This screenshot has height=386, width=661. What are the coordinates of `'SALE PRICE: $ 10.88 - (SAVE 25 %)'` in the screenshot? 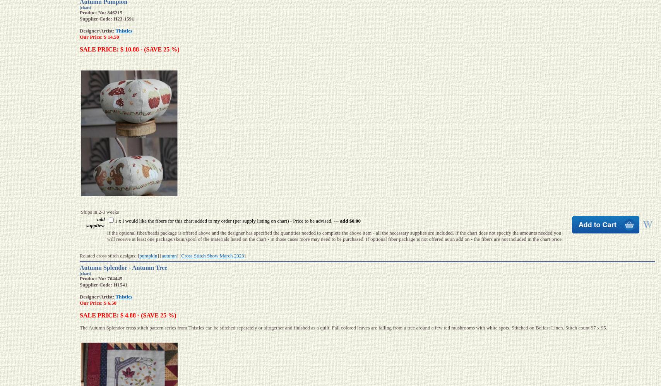 It's located at (129, 49).